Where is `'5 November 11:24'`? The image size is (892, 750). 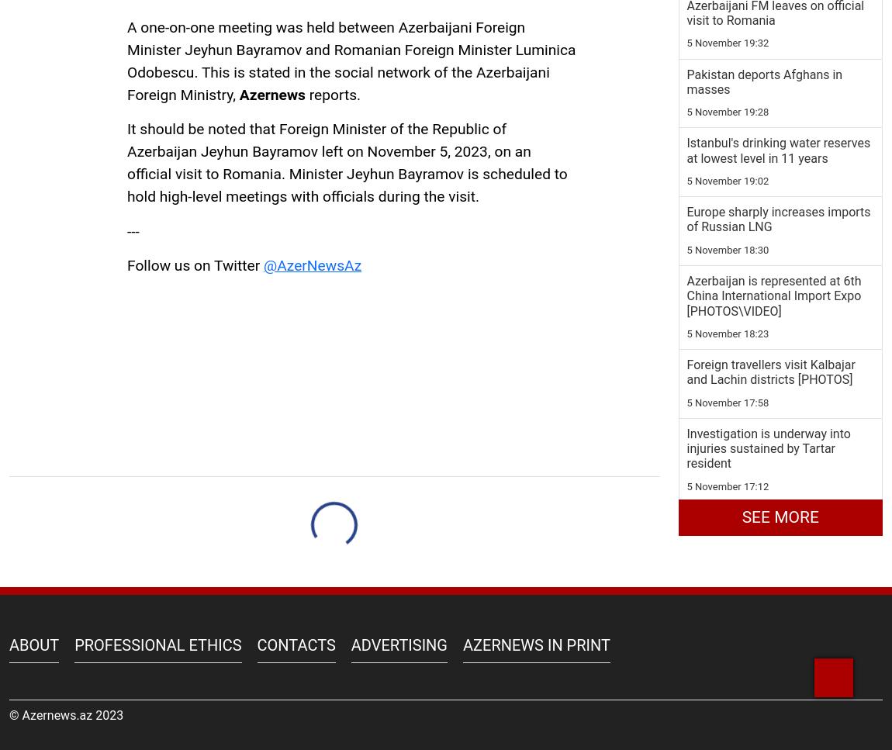 '5 November 11:24' is located at coordinates (686, 203).